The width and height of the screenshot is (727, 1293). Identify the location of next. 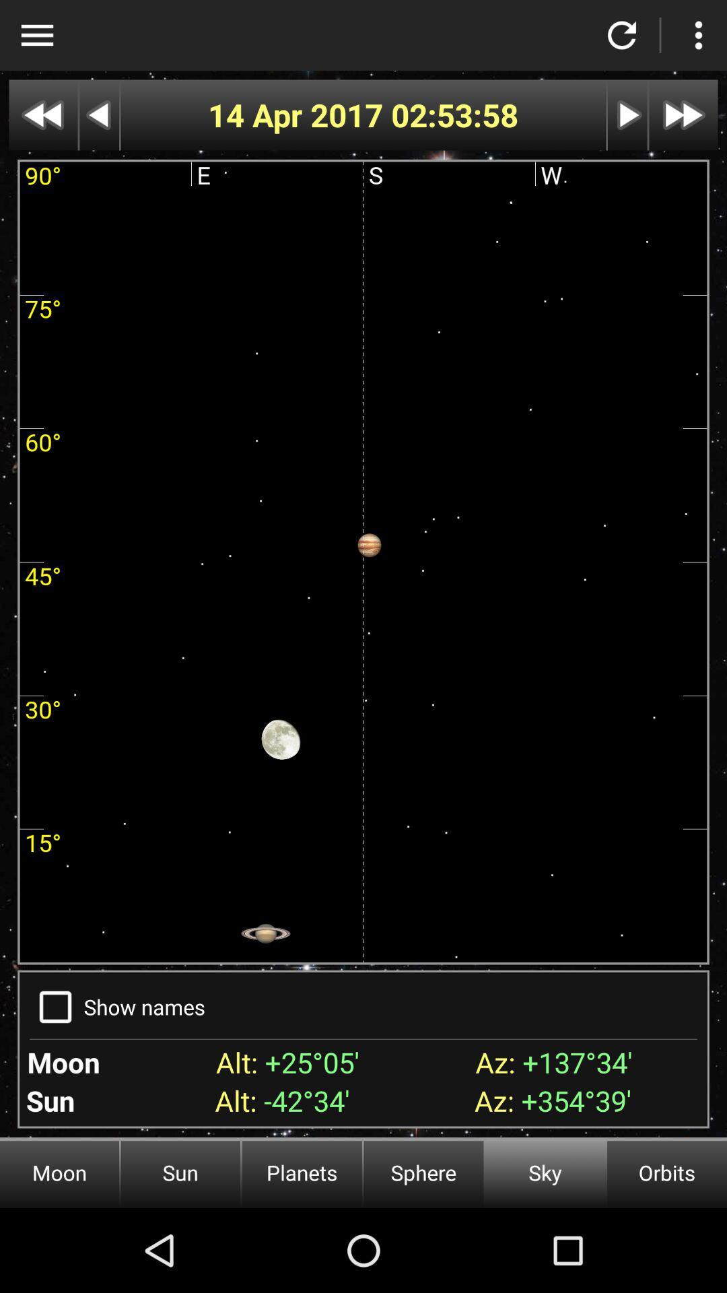
(627, 115).